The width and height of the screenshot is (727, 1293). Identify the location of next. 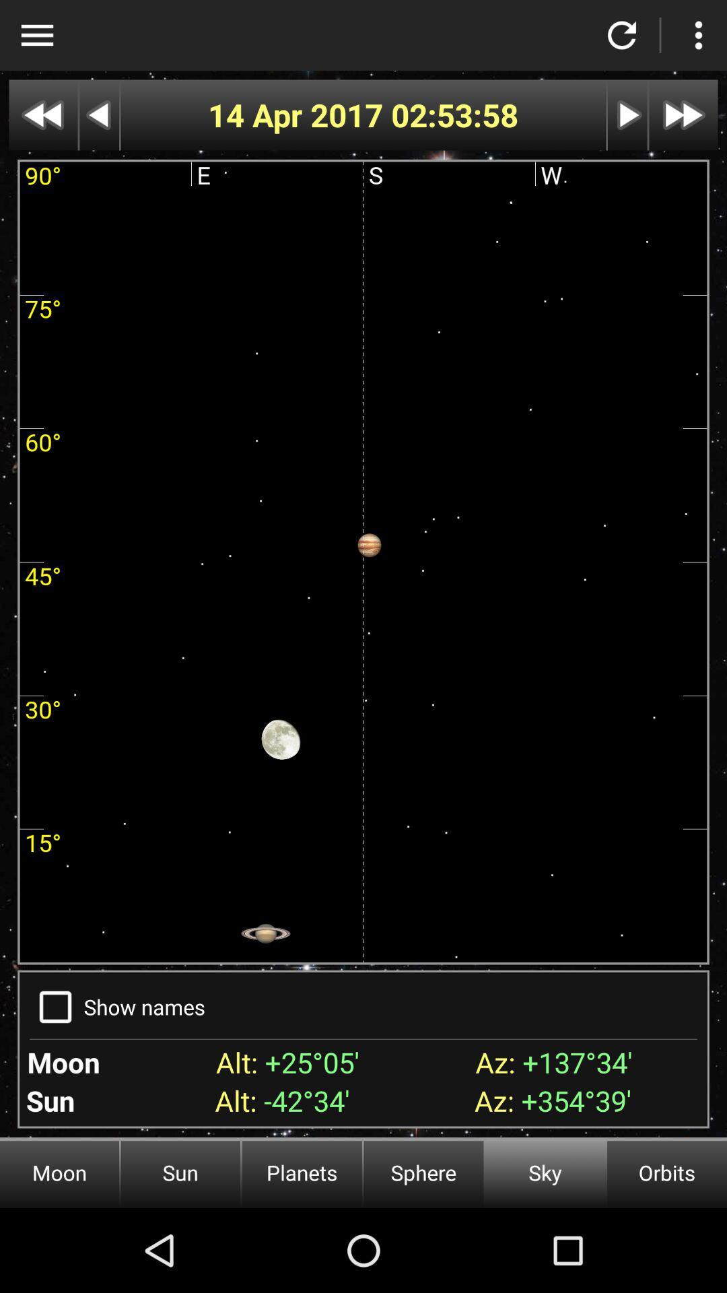
(627, 115).